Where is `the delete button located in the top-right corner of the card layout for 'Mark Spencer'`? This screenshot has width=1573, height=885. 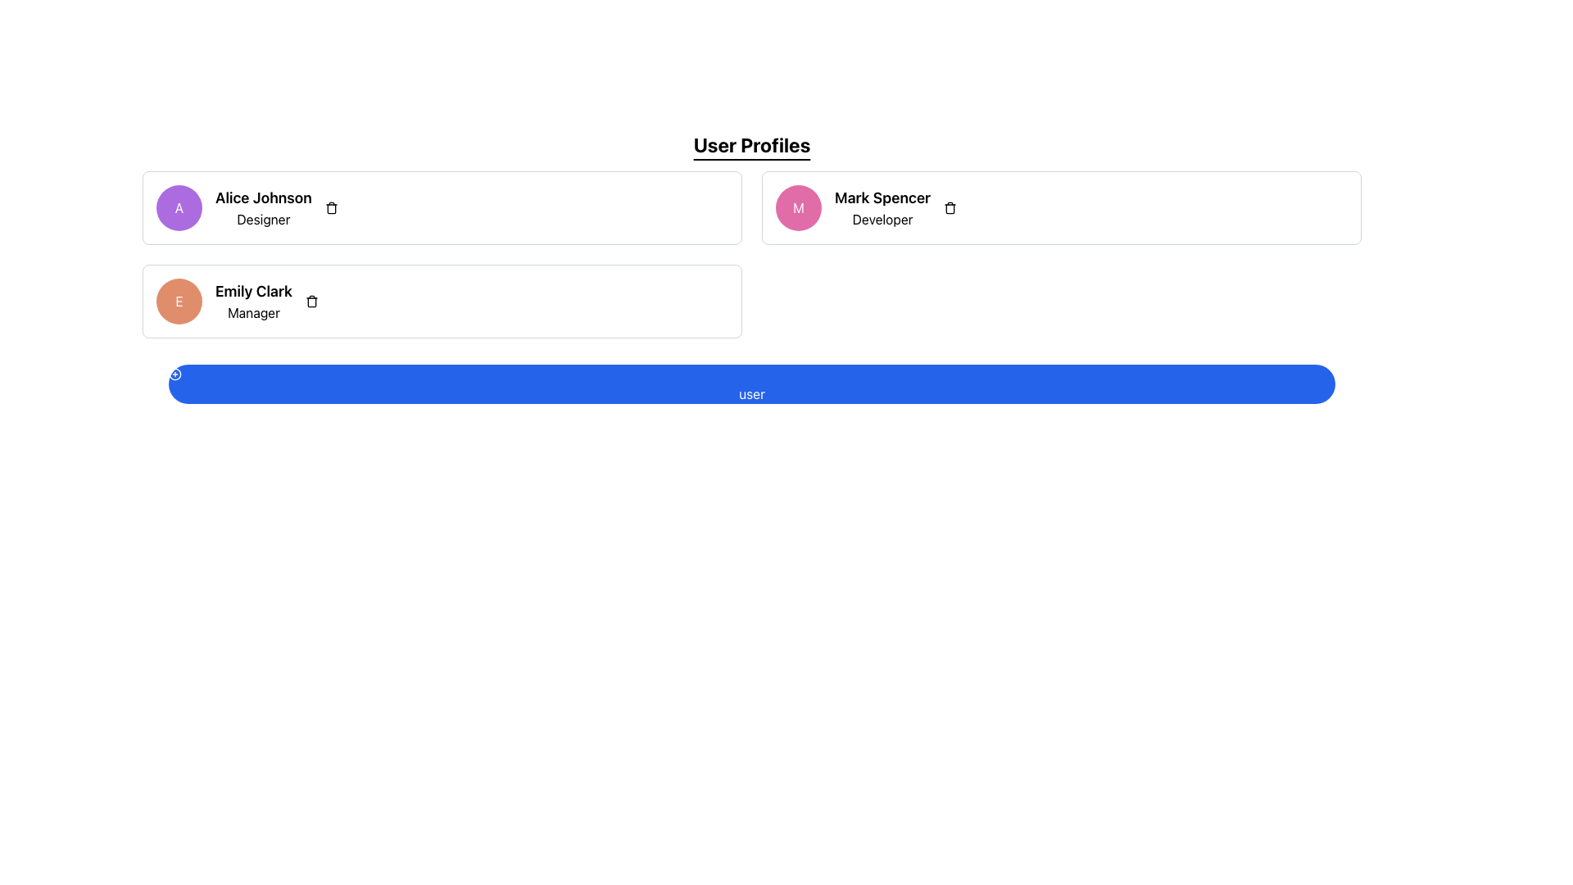
the delete button located in the top-right corner of the card layout for 'Mark Spencer' is located at coordinates (950, 207).